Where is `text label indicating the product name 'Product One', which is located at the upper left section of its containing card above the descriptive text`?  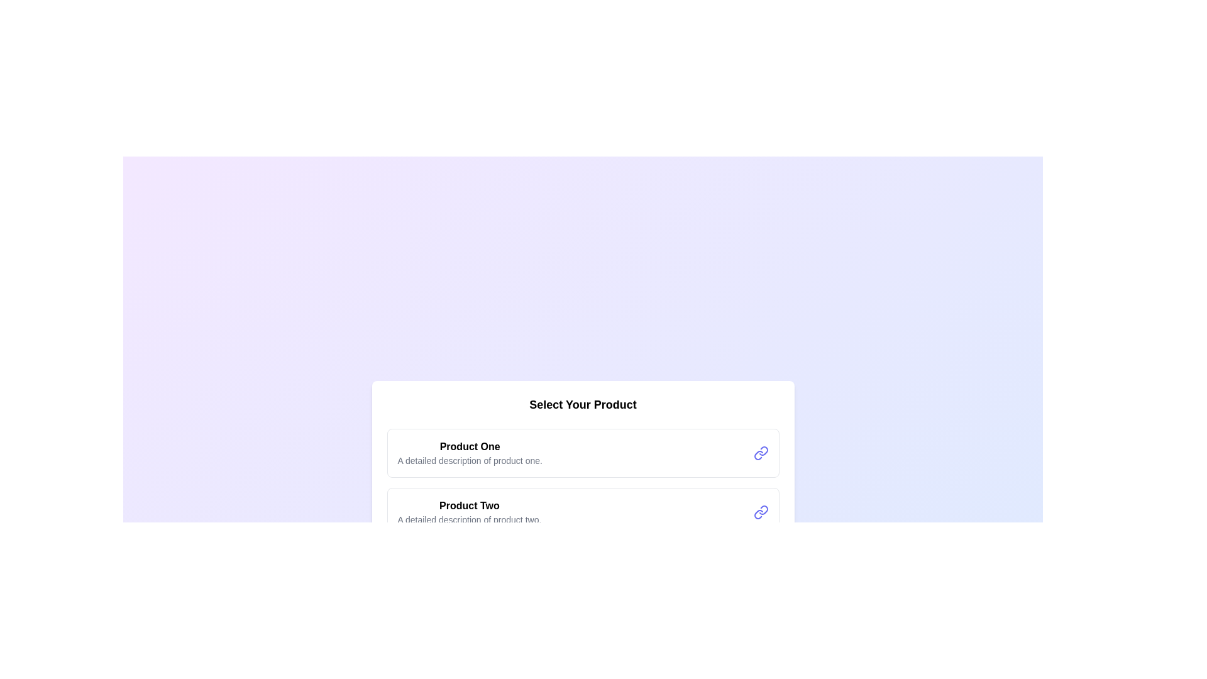
text label indicating the product name 'Product One', which is located at the upper left section of its containing card above the descriptive text is located at coordinates (469, 446).